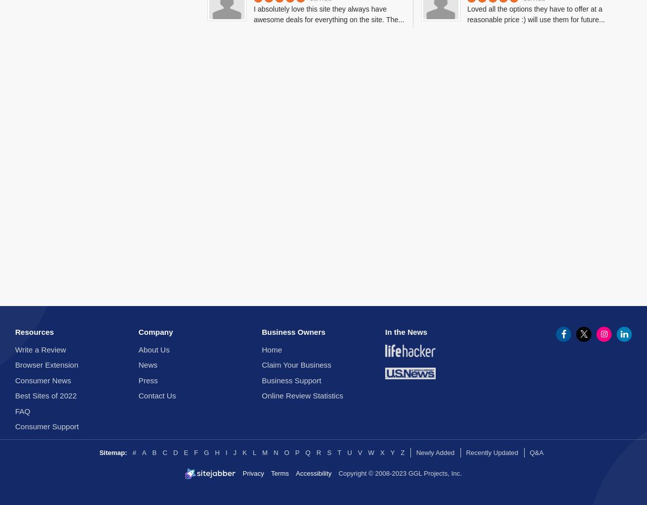 The height and width of the screenshot is (505, 647). What do you see at coordinates (46, 426) in the screenshot?
I see `'Consumer Support'` at bounding box center [46, 426].